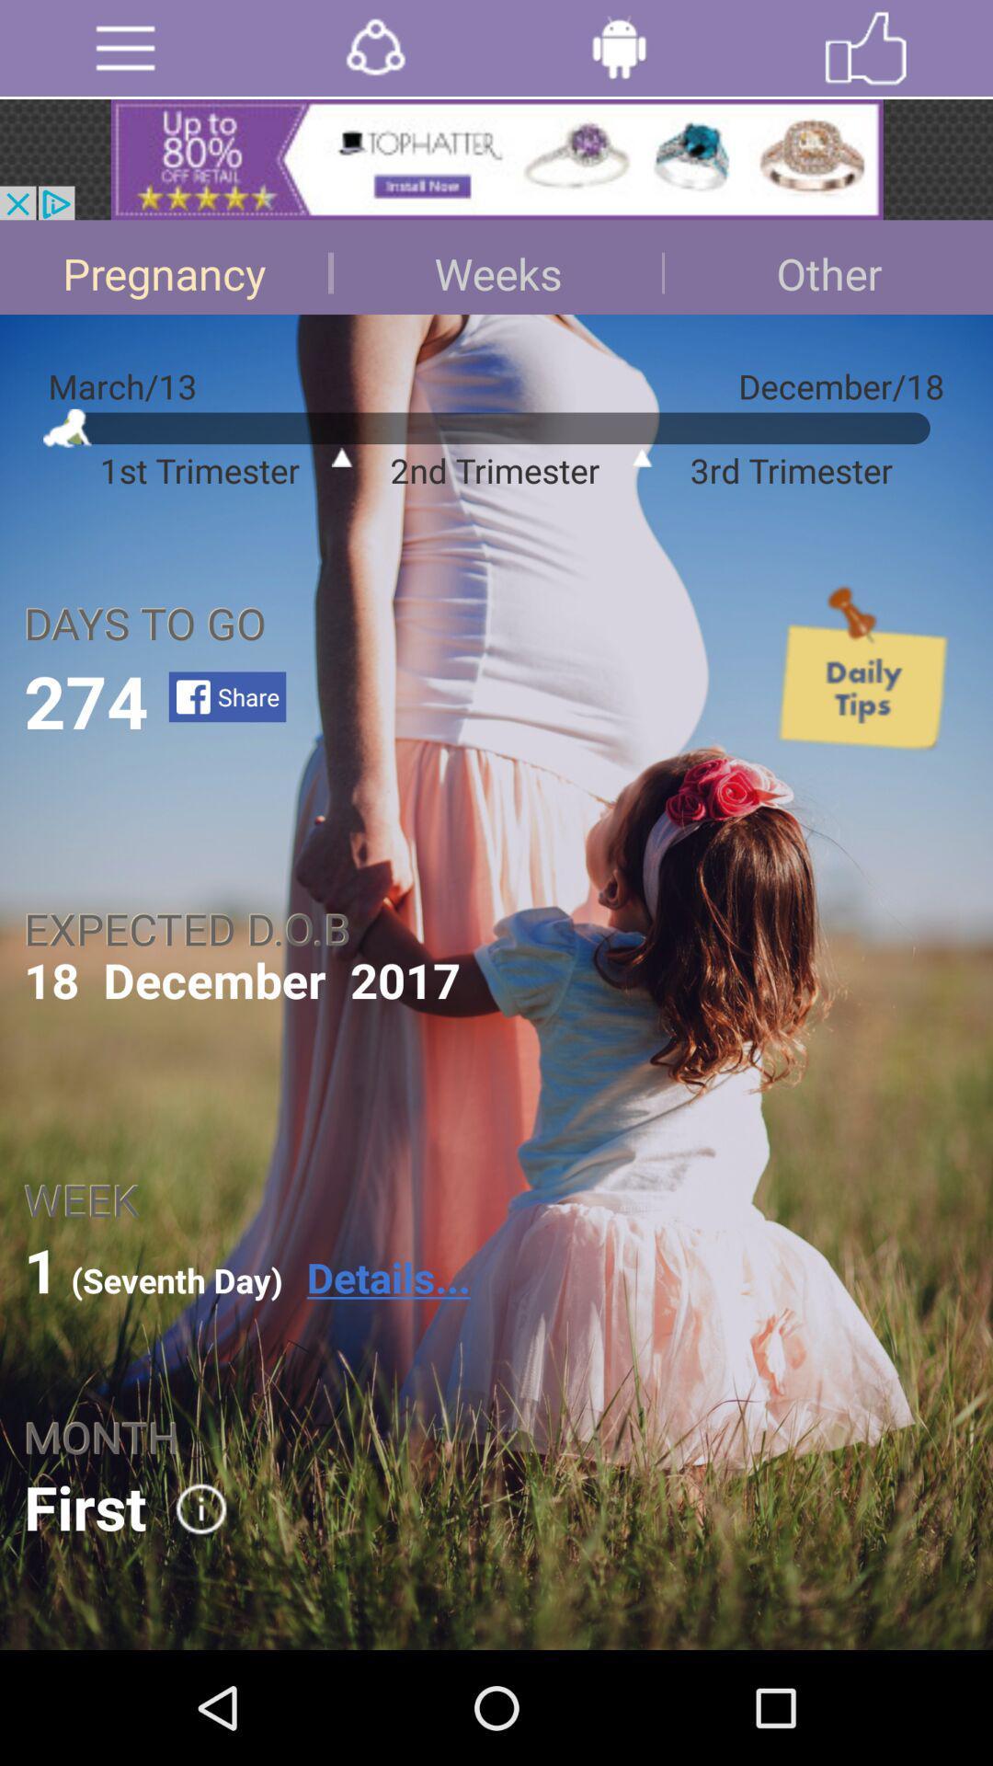  Describe the element at coordinates (619, 48) in the screenshot. I see `click for robotic help` at that location.